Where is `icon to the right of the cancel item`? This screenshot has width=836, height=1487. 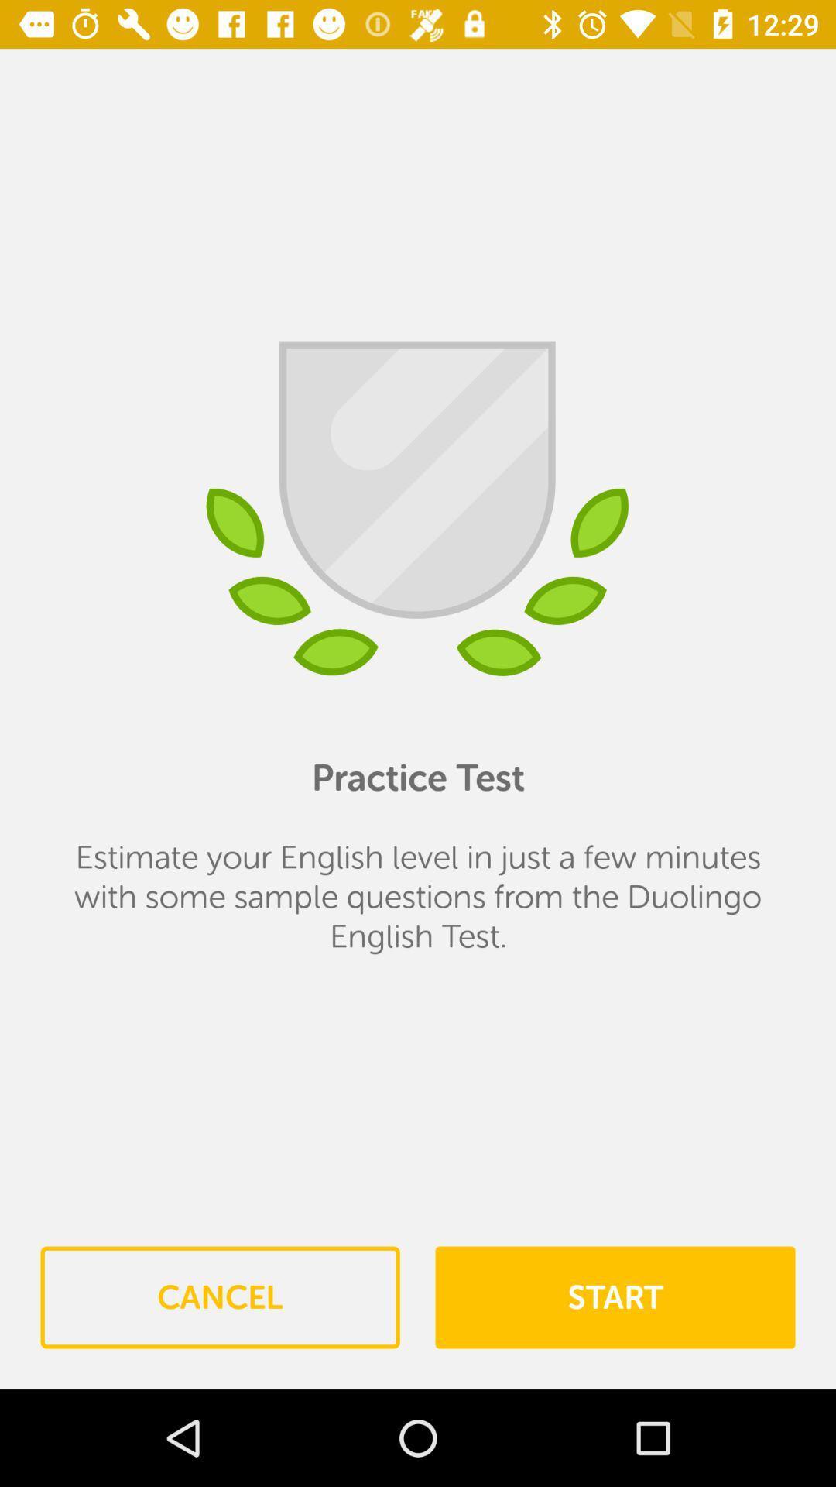
icon to the right of the cancel item is located at coordinates (614, 1297).